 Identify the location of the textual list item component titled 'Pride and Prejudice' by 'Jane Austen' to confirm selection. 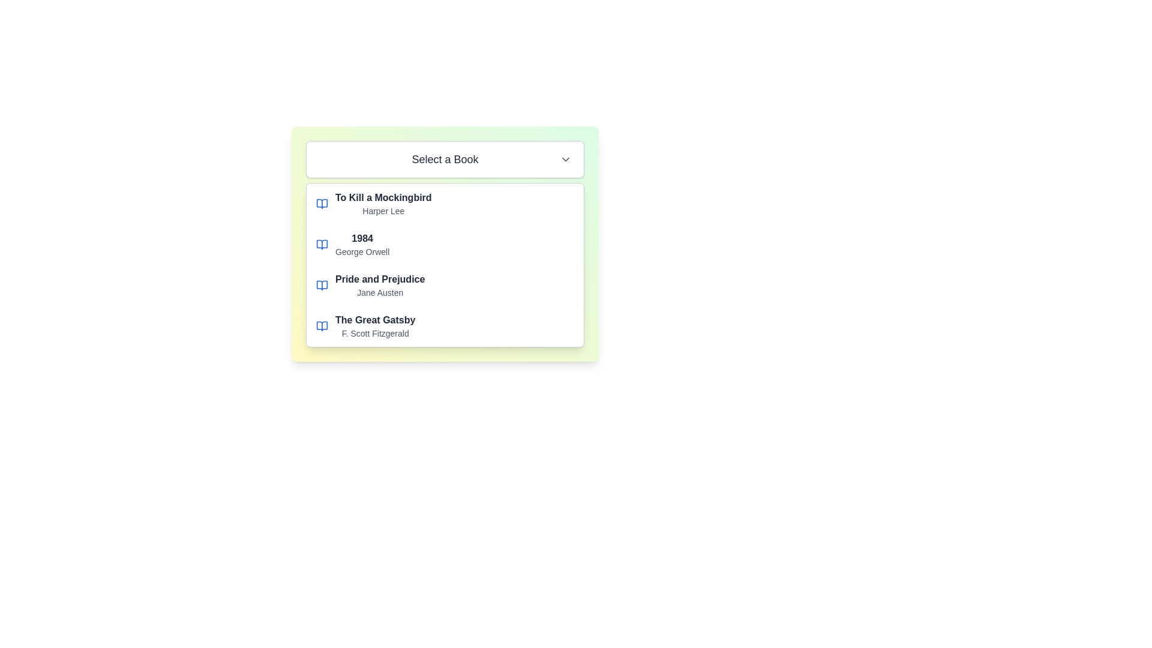
(379, 285).